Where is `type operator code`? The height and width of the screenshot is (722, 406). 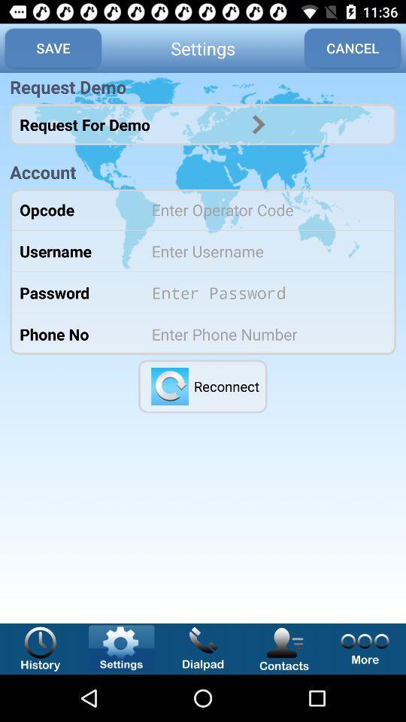 type operator code is located at coordinates (263, 208).